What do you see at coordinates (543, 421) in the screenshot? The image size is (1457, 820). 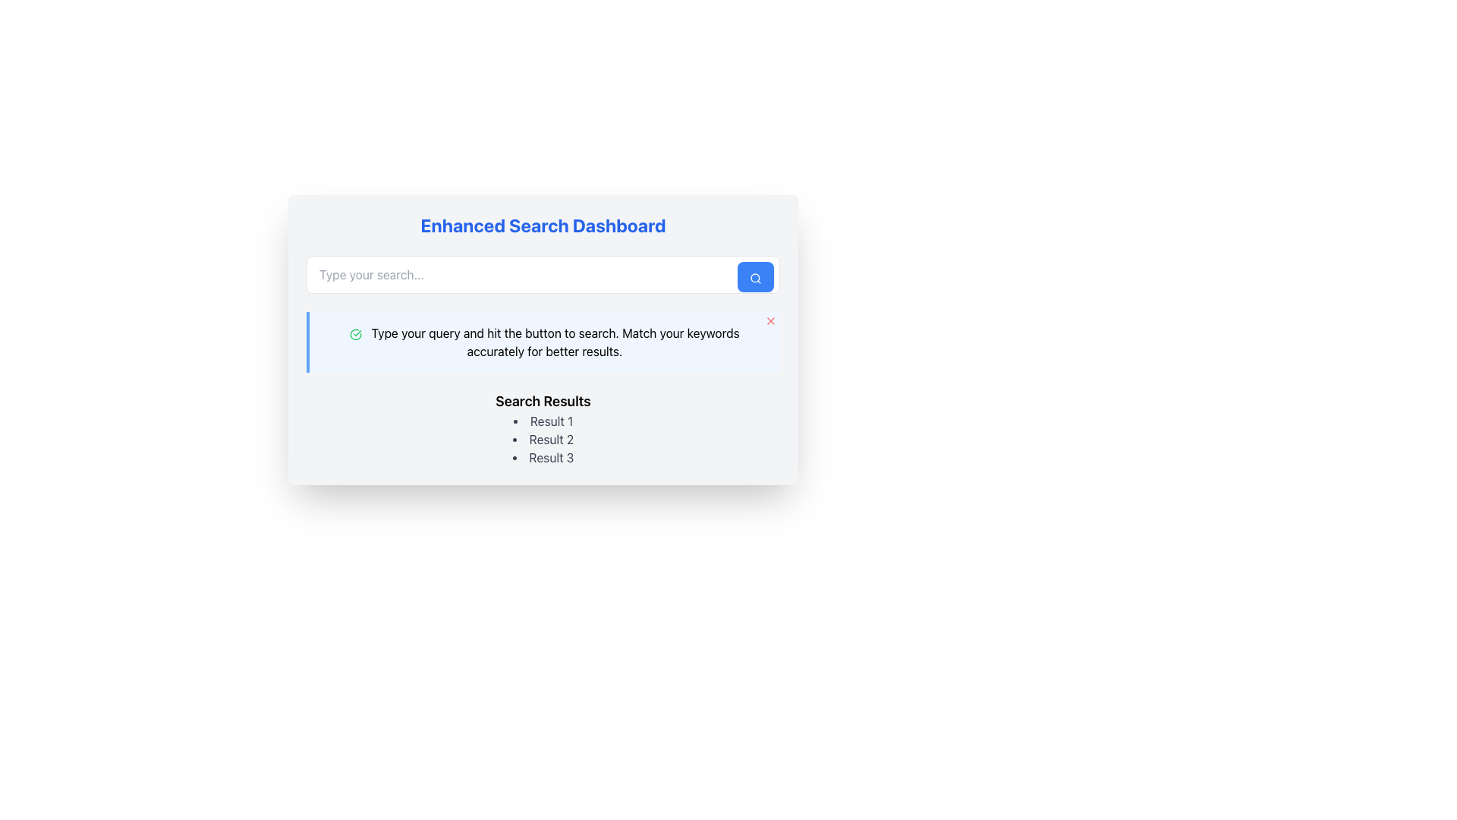 I see `the first search result label in the bulleted list` at bounding box center [543, 421].